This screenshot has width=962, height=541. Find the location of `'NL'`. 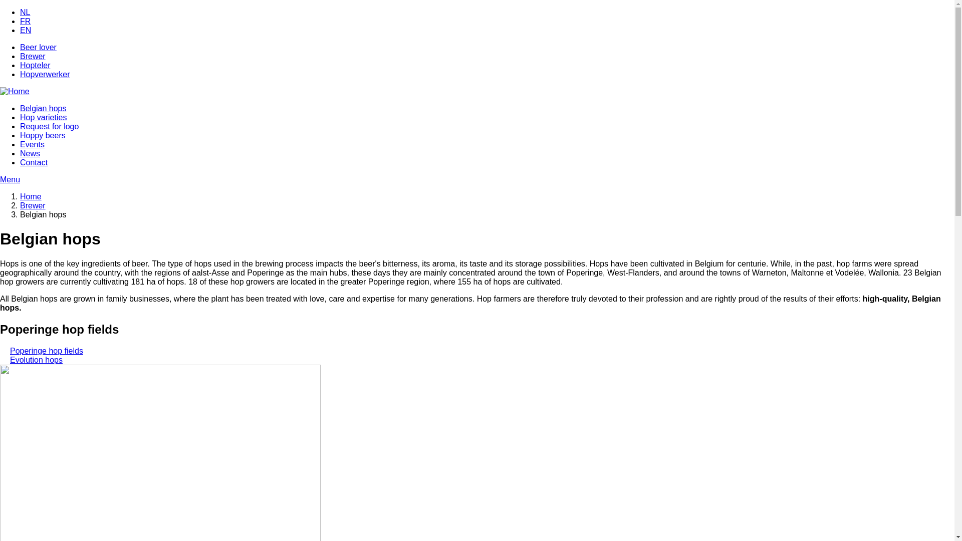

'NL' is located at coordinates (20, 12).